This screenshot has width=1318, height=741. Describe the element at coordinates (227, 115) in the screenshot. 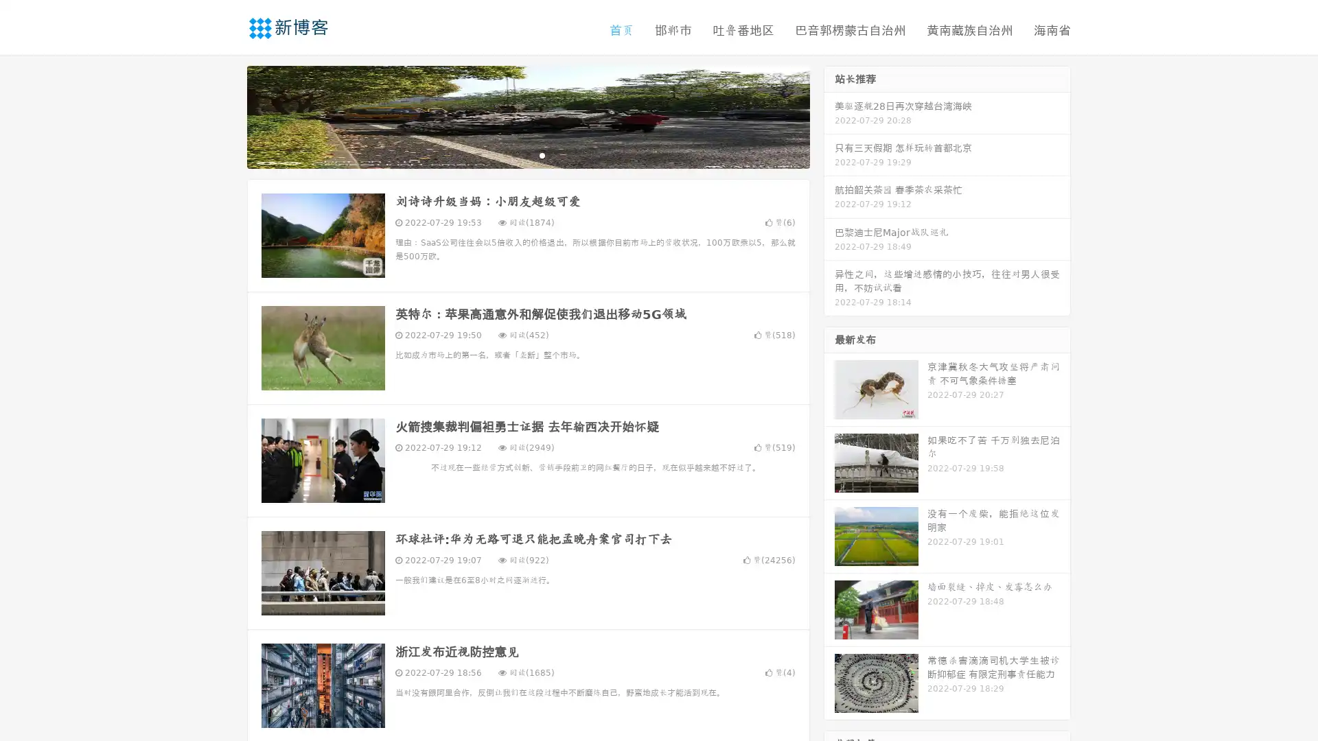

I see `Previous slide` at that location.